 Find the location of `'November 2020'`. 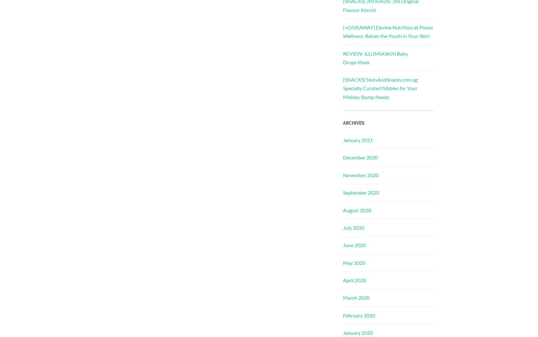

'November 2020' is located at coordinates (361, 175).